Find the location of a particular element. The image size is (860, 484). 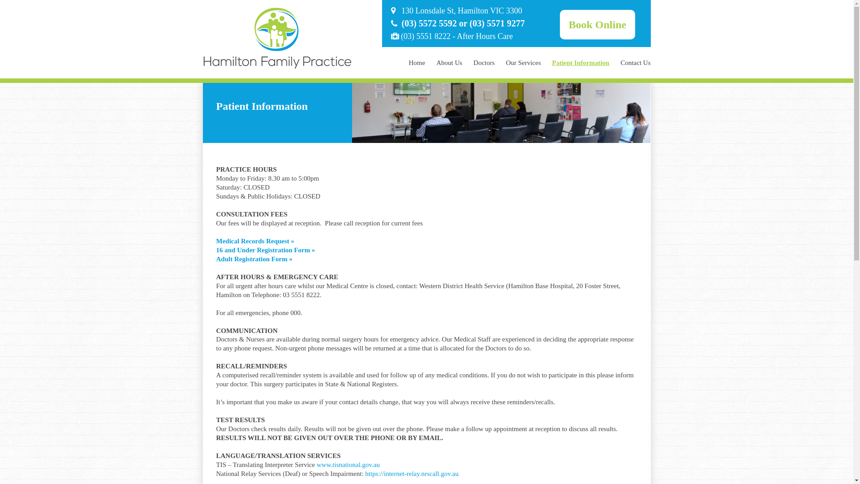

'www.tisnational.gov.au' is located at coordinates (348, 464).